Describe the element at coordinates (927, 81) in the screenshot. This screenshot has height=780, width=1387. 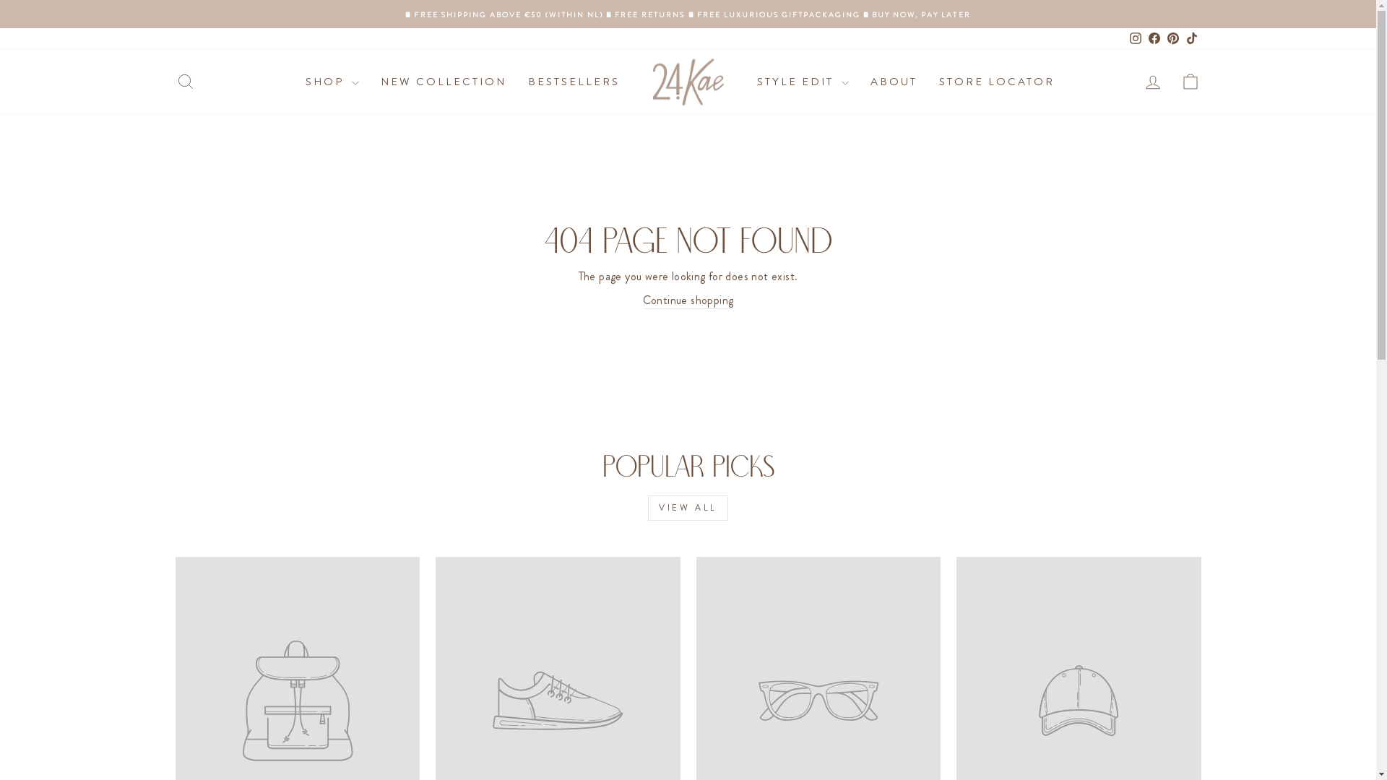
I see `'STORE LOCATOR'` at that location.